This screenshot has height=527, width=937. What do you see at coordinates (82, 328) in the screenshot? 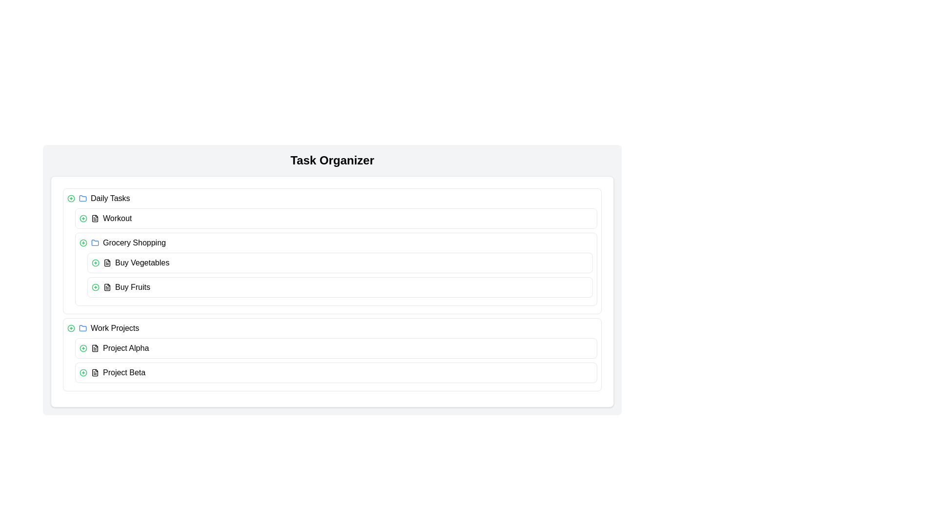
I see `the folder icon representing 'Work Projects', located to the left of the 'Work Projects' label` at bounding box center [82, 328].